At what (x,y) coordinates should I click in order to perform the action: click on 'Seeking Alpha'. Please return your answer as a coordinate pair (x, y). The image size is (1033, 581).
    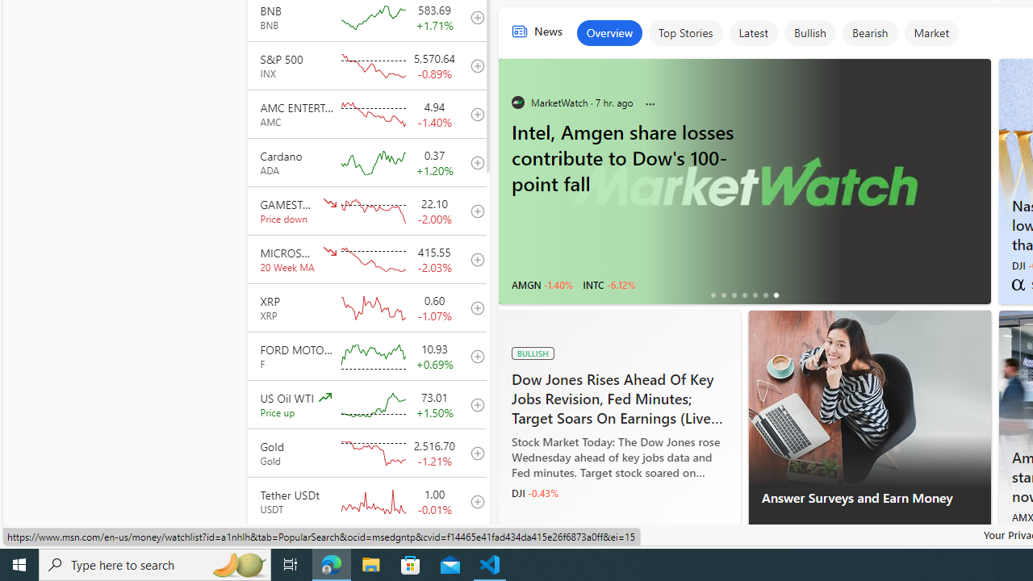
    Looking at the image, I should click on (1017, 283).